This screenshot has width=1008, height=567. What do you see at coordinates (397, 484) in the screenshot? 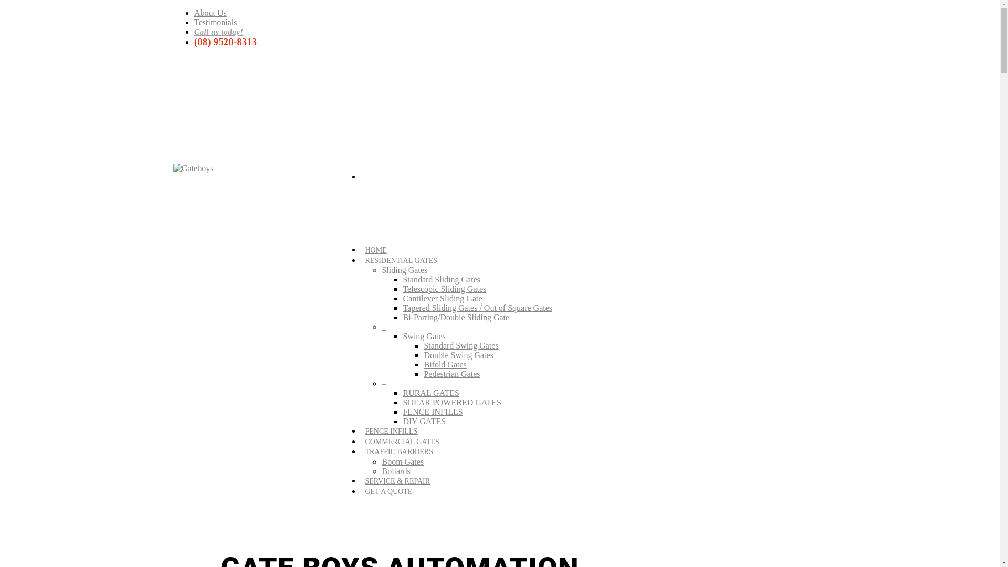
I see `'SERVICE & REPAIR'` at bounding box center [397, 484].